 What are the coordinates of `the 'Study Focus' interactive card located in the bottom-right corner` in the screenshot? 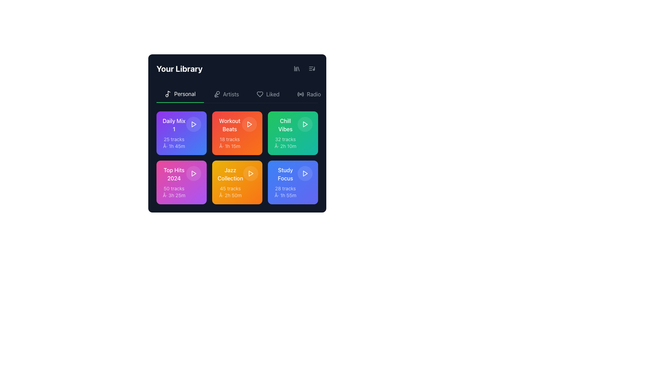 It's located at (293, 182).